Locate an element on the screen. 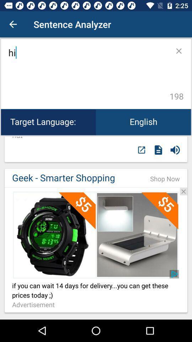 This screenshot has height=342, width=192. item to the left of 198 item is located at coordinates (87, 74).